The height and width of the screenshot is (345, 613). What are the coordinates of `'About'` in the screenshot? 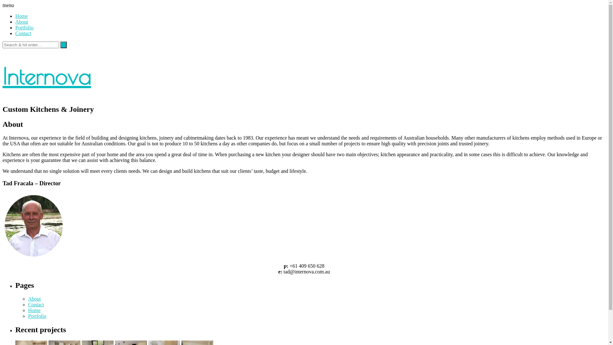 It's located at (34, 299).